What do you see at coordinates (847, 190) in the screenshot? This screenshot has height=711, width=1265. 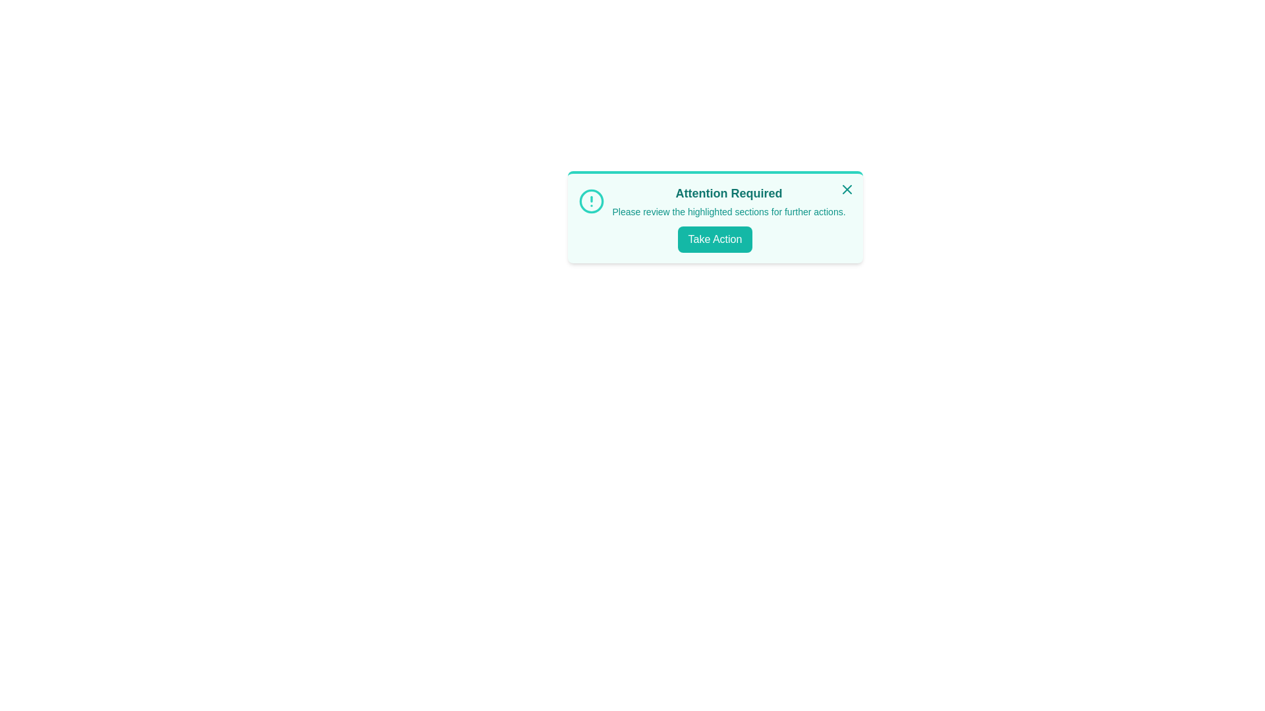 I see `the close icon to dismiss the alert` at bounding box center [847, 190].